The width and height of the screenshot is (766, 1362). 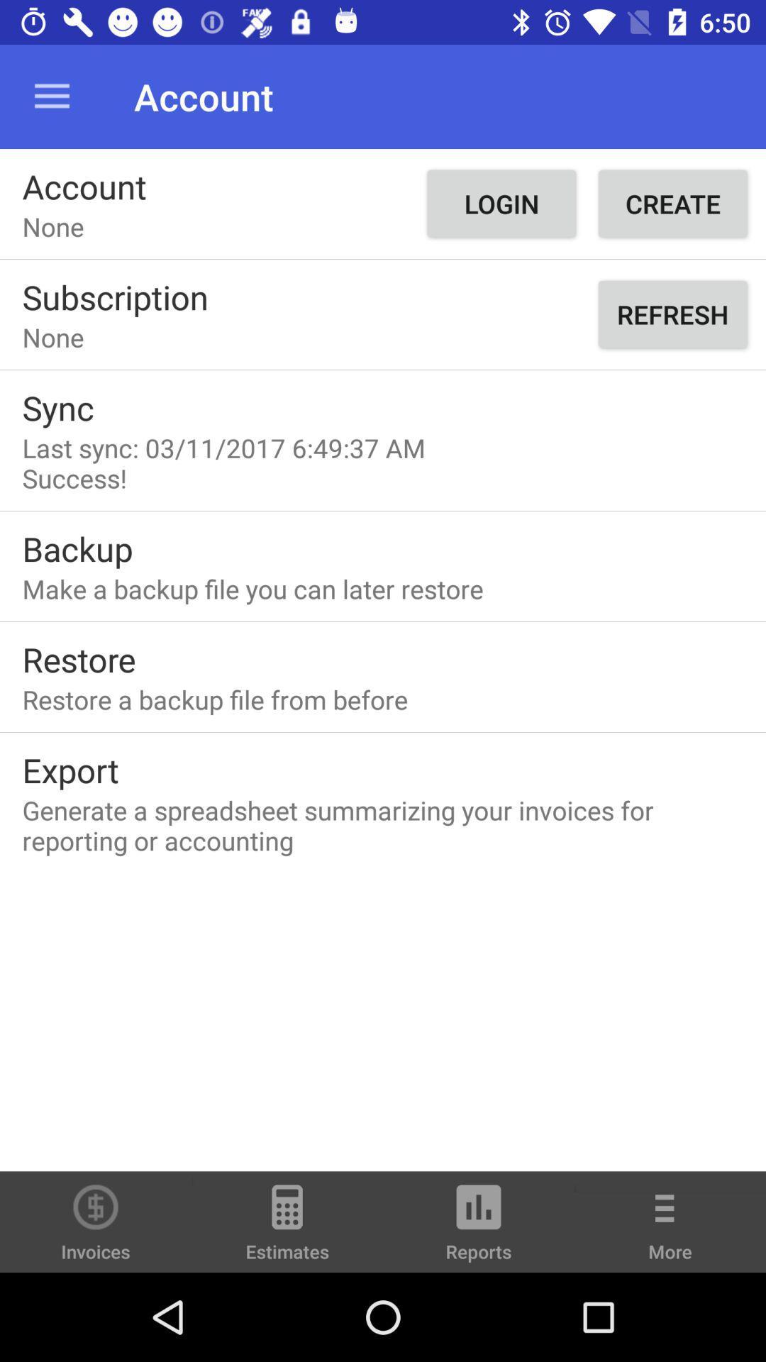 I want to click on the button along with the text reports, so click(x=479, y=1228).